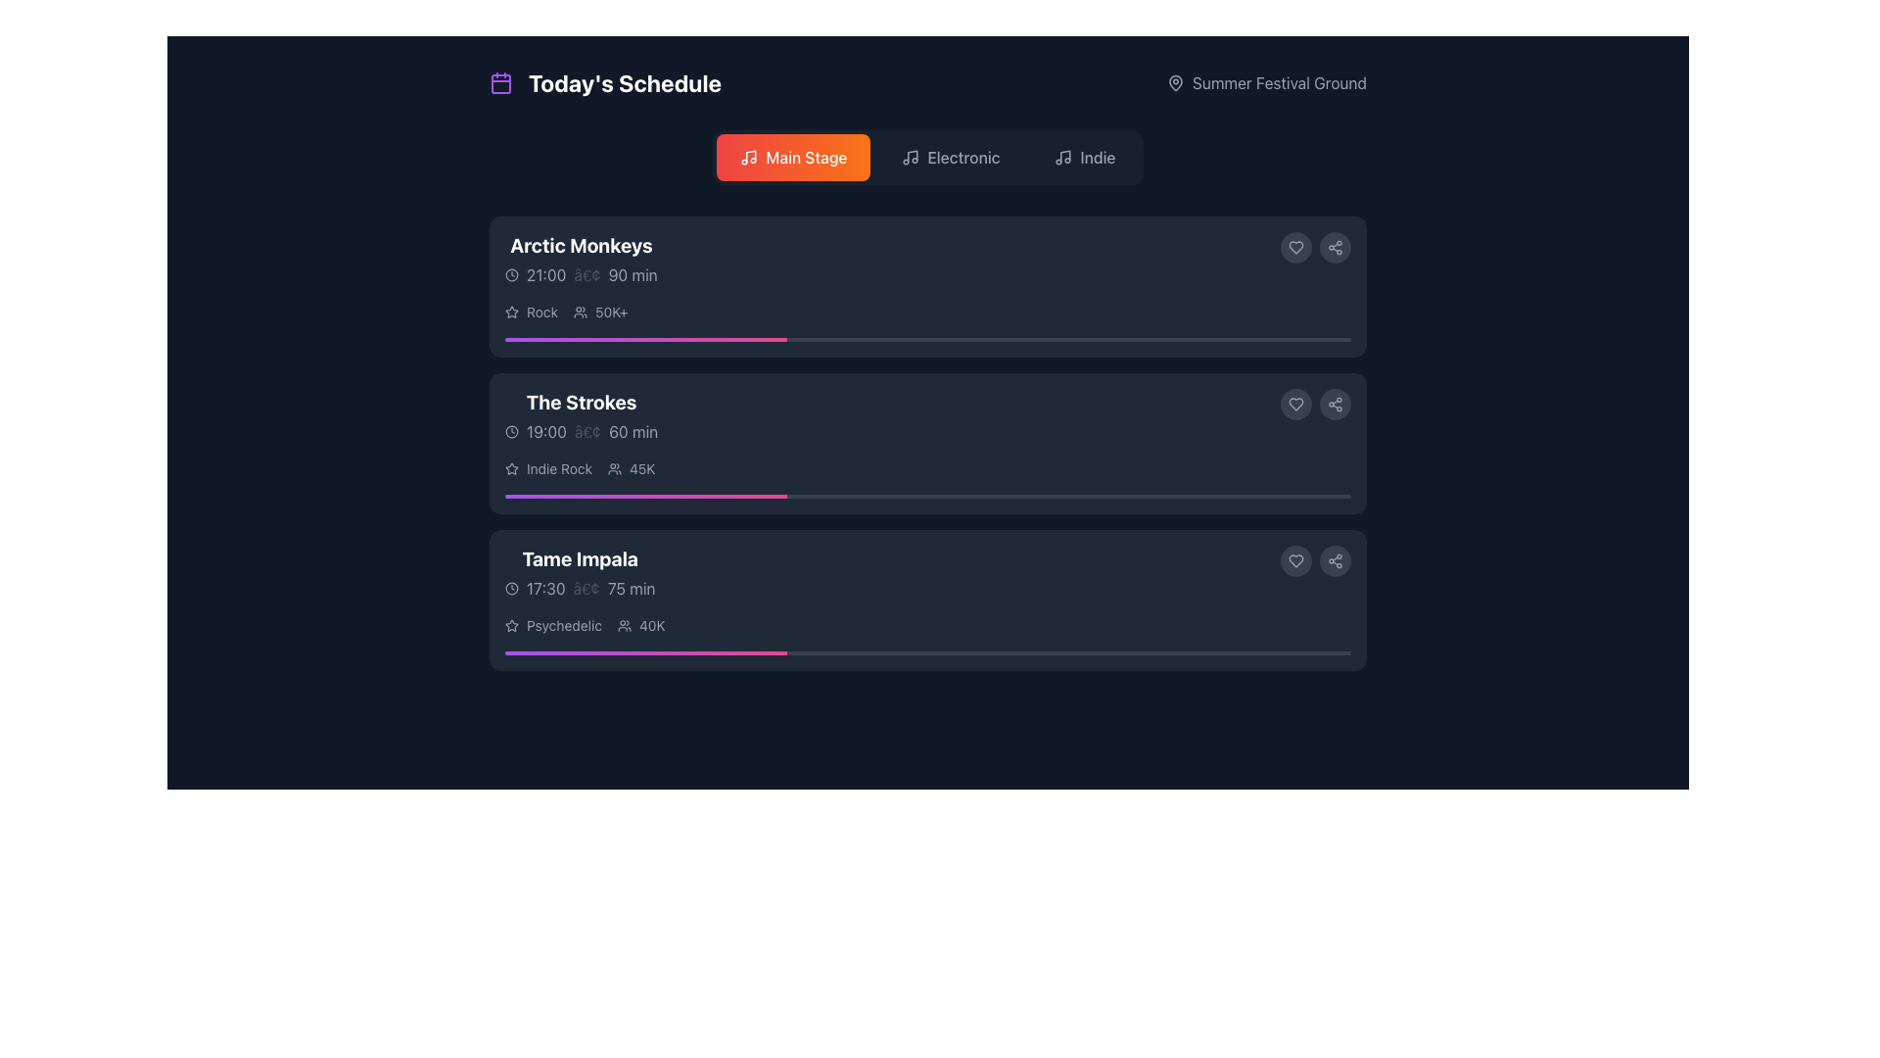 The height and width of the screenshot is (1058, 1880). Describe the element at coordinates (1296, 247) in the screenshot. I see `the favorite or like icon located on the right side of the top card in the three stacked card layout` at that location.